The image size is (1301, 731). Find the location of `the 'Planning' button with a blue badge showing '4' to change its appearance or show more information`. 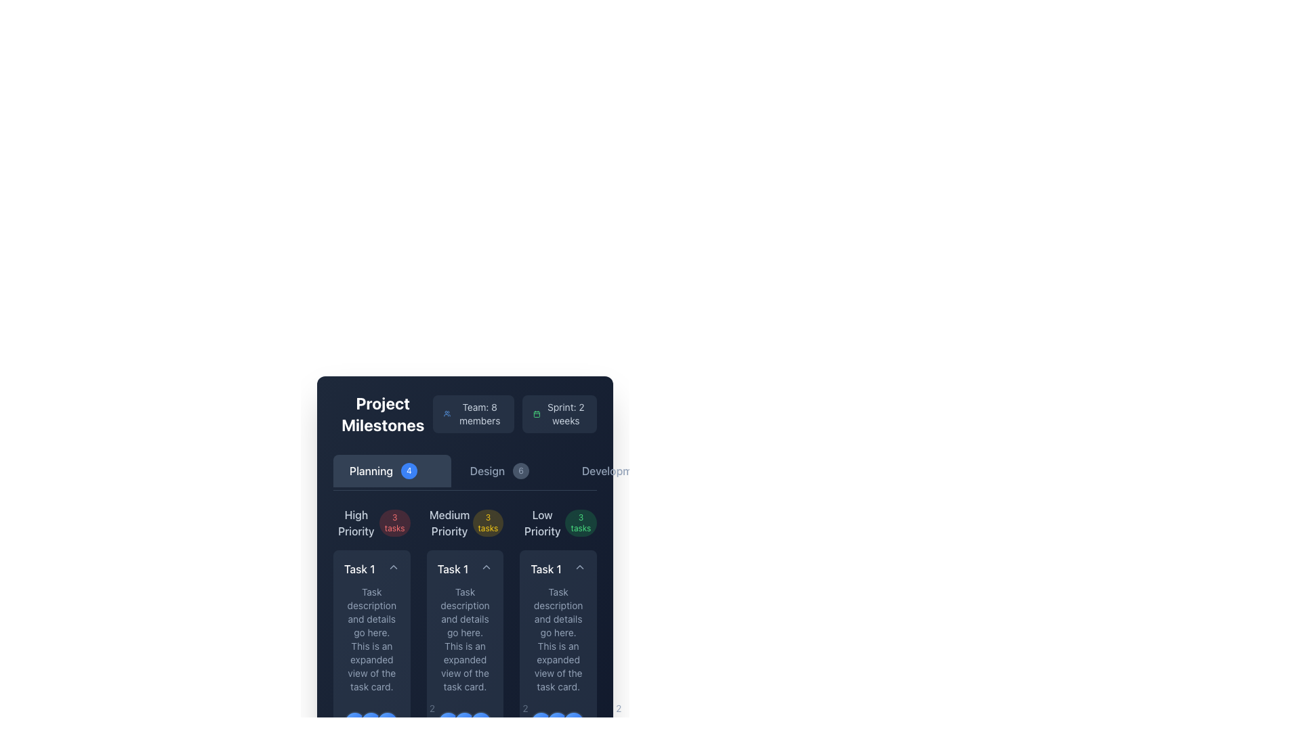

the 'Planning' button with a blue badge showing '4' to change its appearance or show more information is located at coordinates (391, 470).